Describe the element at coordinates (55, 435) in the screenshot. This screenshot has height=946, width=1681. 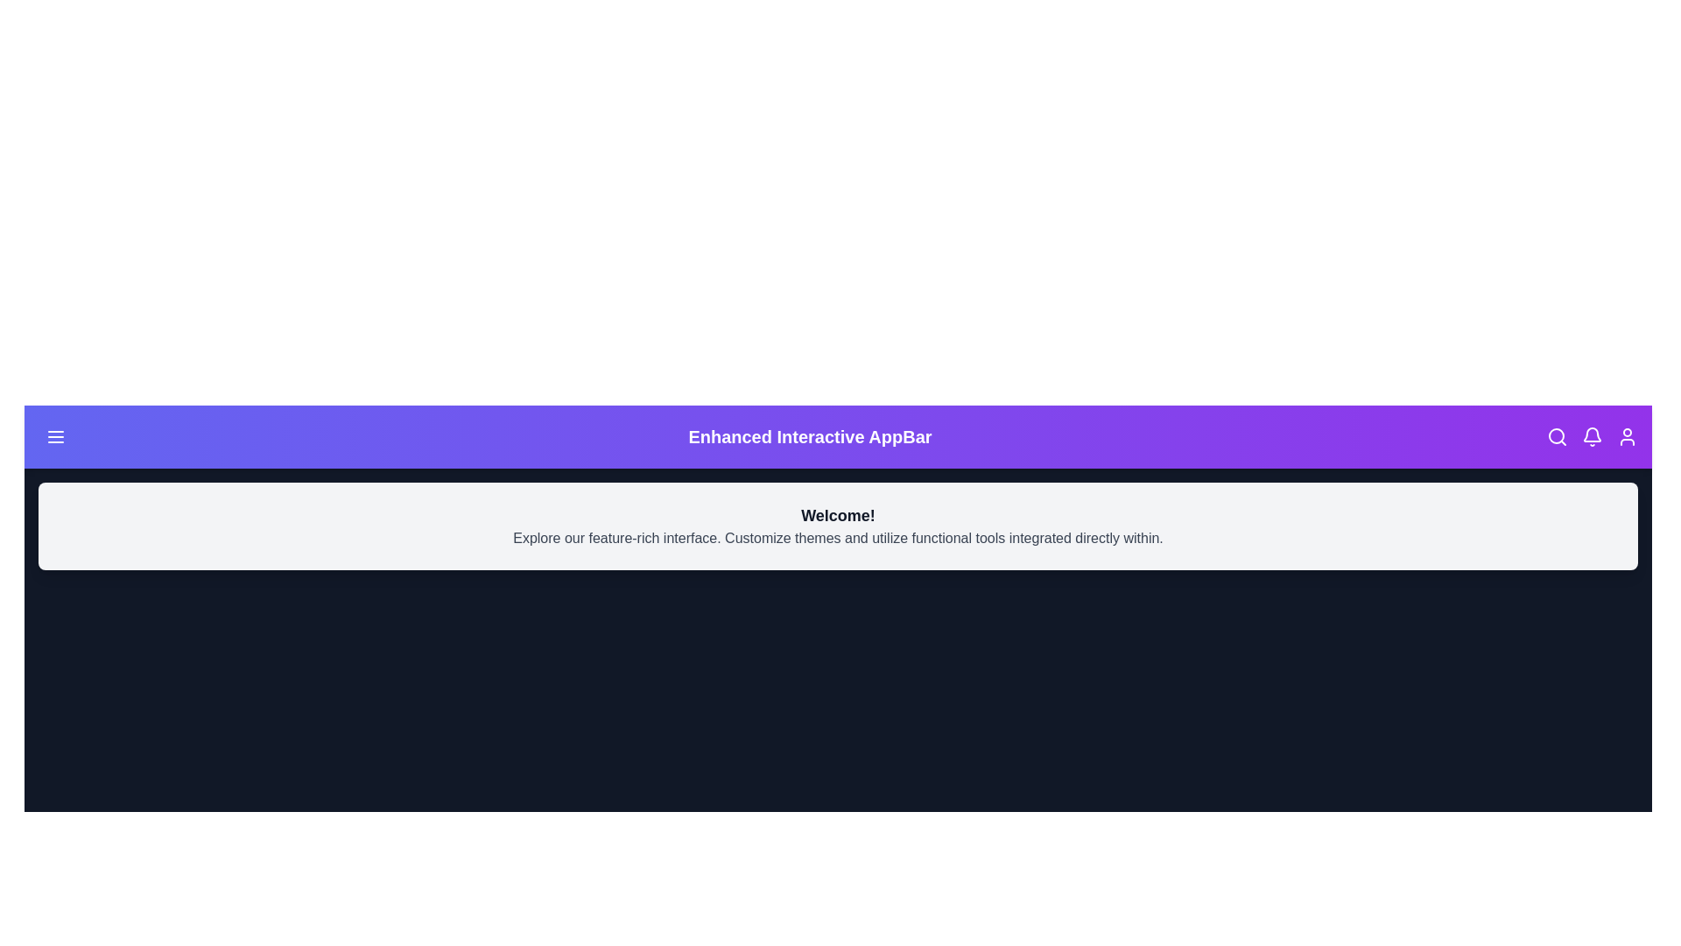
I see `the hamburger icon to toggle the main menu` at that location.